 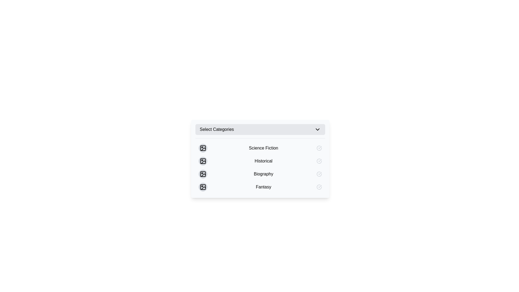 What do you see at coordinates (202, 174) in the screenshot?
I see `the Icon element for the 'Biography' category, which is the second visual component of an SVG icon in a vertical list` at bounding box center [202, 174].